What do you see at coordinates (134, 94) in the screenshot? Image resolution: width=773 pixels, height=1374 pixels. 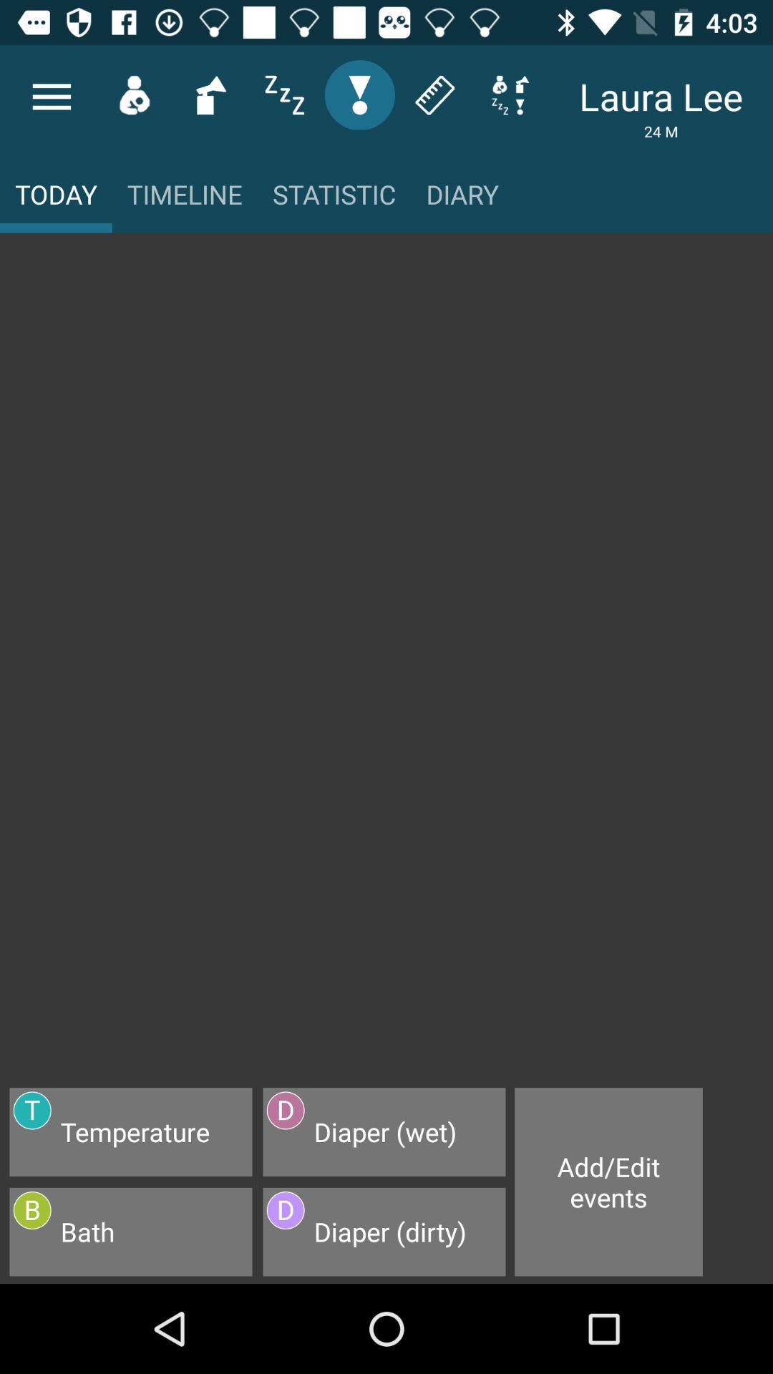 I see `the avatar icon` at bounding box center [134, 94].